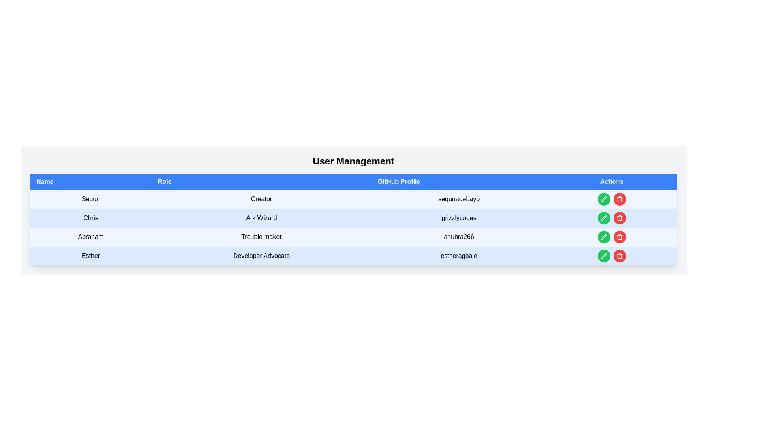 This screenshot has width=758, height=426. Describe the element at coordinates (611, 237) in the screenshot. I see `the green button in the Actions column for the user 'Abraham'` at that location.